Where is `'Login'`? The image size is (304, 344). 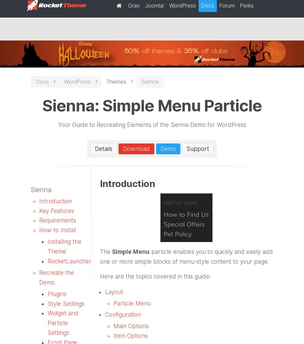
'Login' is located at coordinates (173, 8).